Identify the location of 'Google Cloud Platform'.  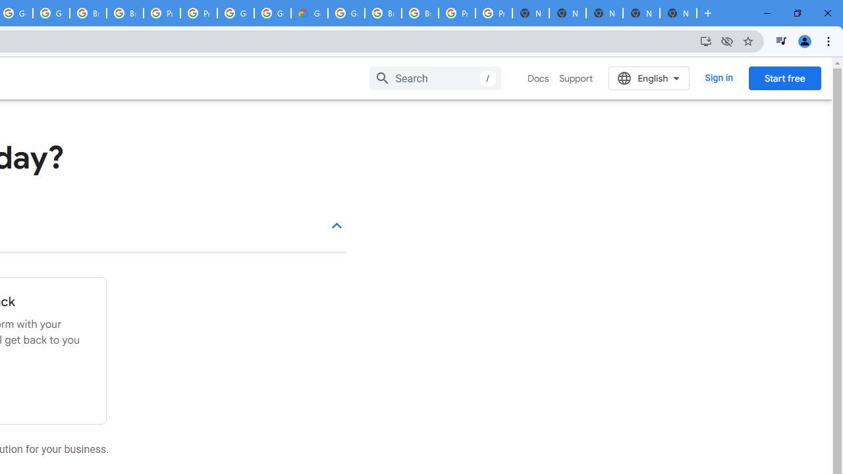
(346, 13).